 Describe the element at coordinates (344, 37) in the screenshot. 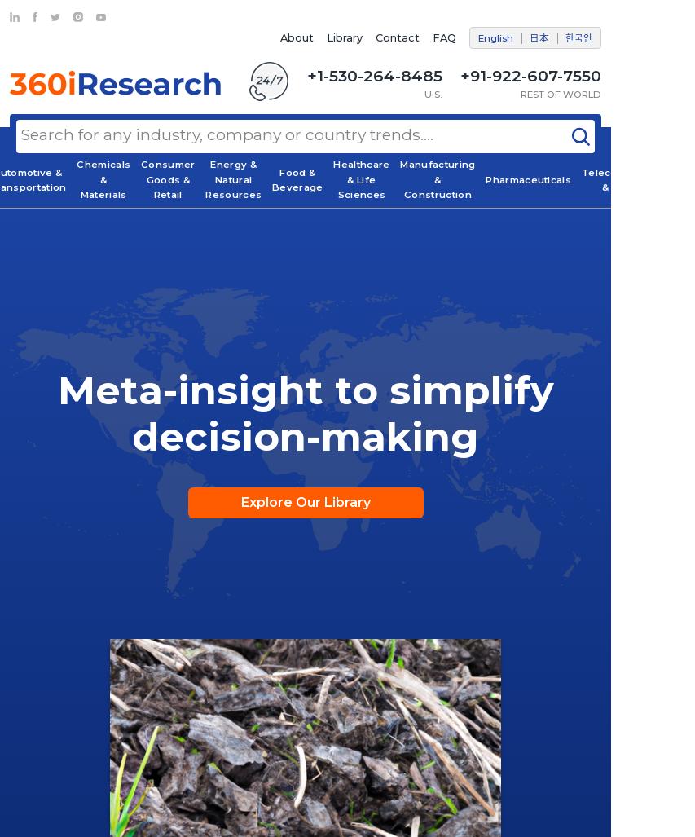

I see `'Library'` at that location.